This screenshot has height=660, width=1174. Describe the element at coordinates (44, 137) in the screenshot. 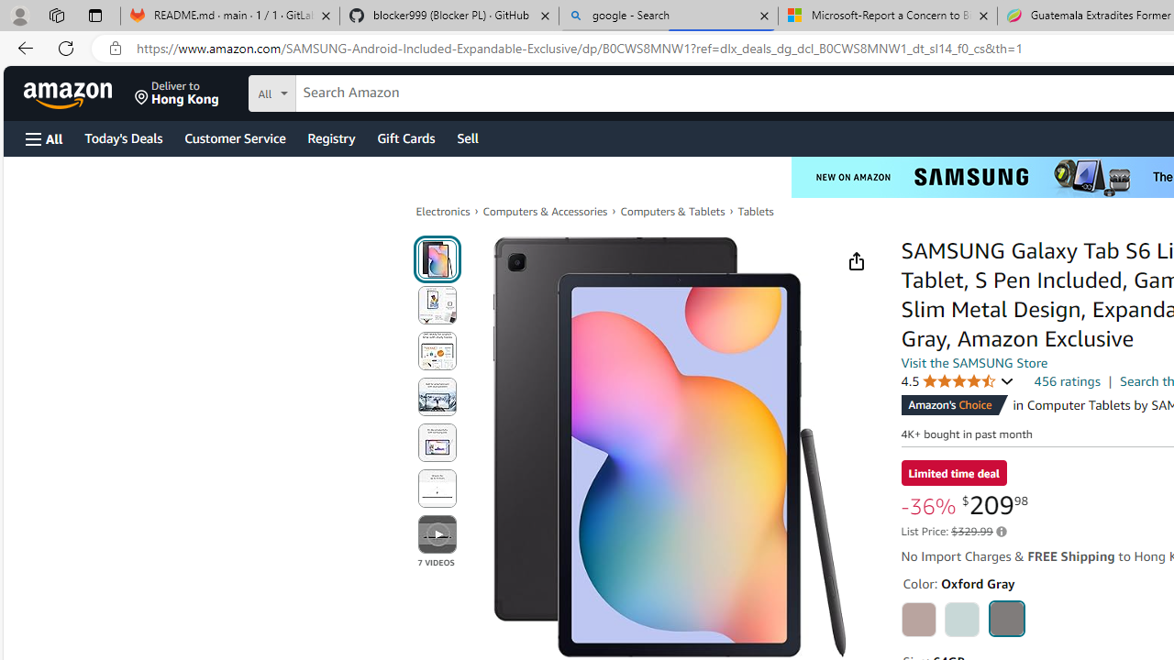

I see `'Open Menu'` at that location.